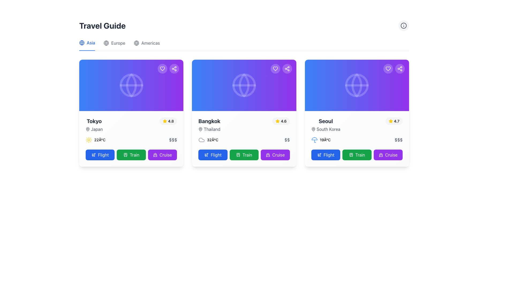 The width and height of the screenshot is (514, 289). Describe the element at coordinates (396, 121) in the screenshot. I see `the unique text label displaying the rating '4.7' in bold font located at the top-right corner of the 'Seoul' card` at that location.